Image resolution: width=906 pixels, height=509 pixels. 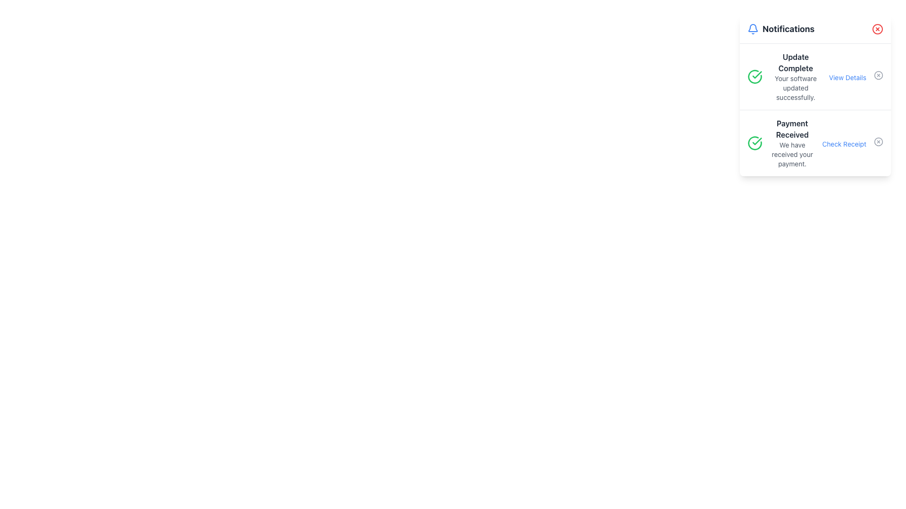 I want to click on the circular green icon with a checkmark located in the 'Payment Received' notification area, adjacent to the 'Payment Received' text, so click(x=754, y=143).